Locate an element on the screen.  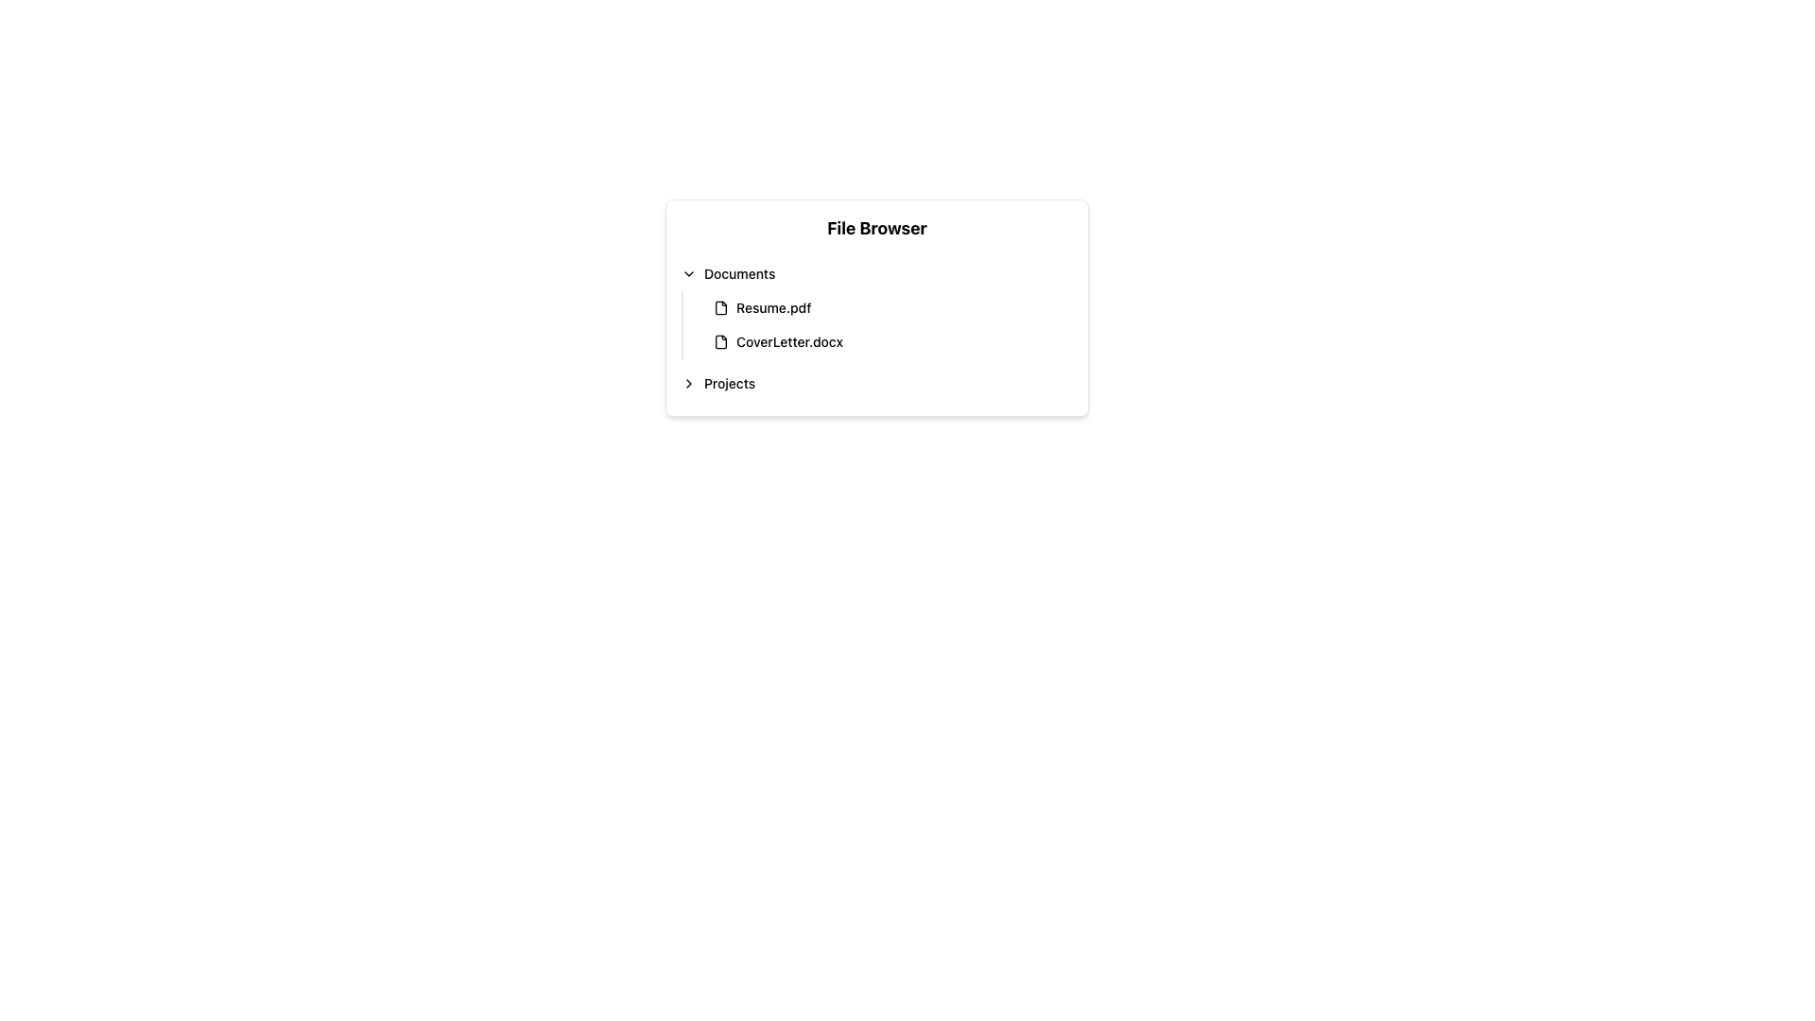
the 'CoverLetter.docx' file entry in the directory browser is located at coordinates (892, 342).